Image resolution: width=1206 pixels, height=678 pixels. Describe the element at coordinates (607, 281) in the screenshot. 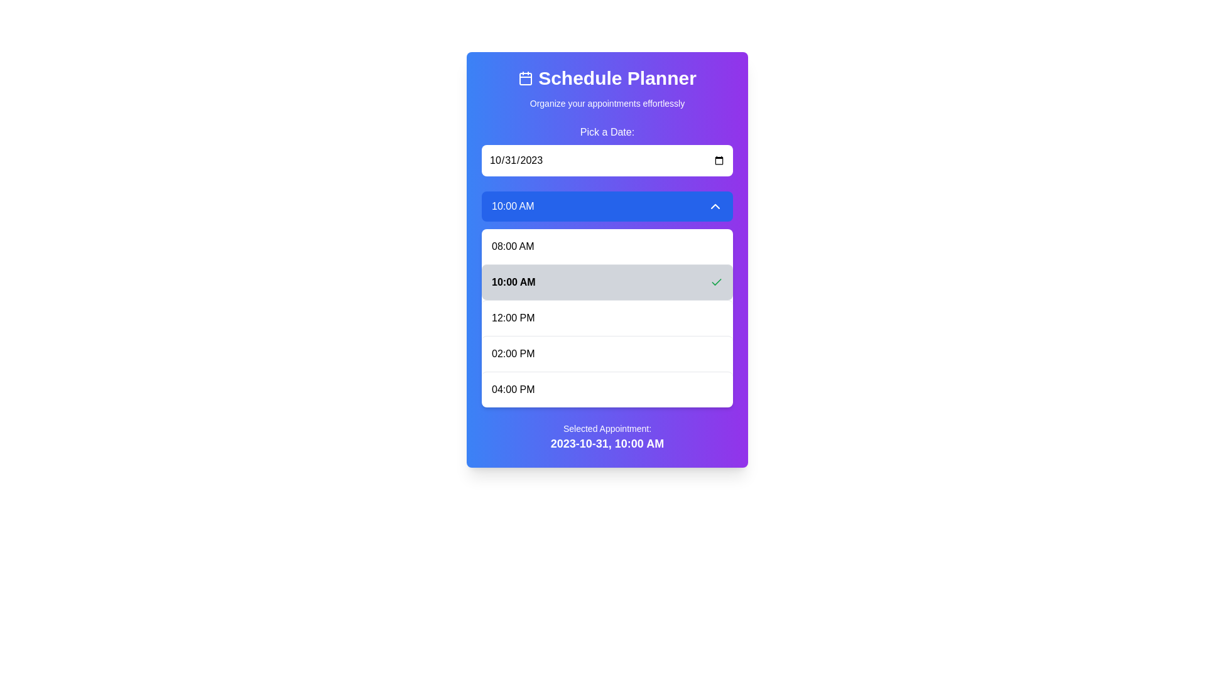

I see `the '10:00 AM' time selection button within the schedule dropdown menu to set it as the preferred time` at that location.